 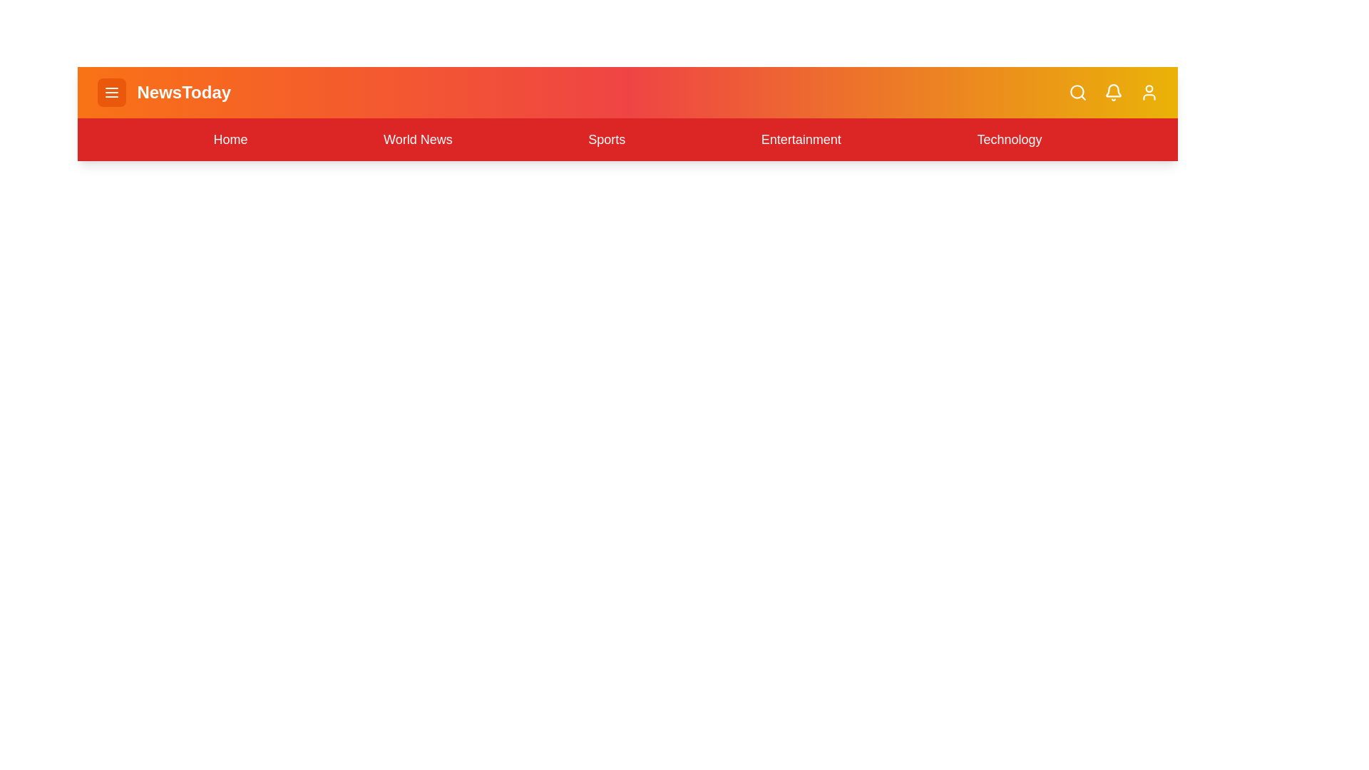 I want to click on the World News navigation link in the menu, so click(x=417, y=140).